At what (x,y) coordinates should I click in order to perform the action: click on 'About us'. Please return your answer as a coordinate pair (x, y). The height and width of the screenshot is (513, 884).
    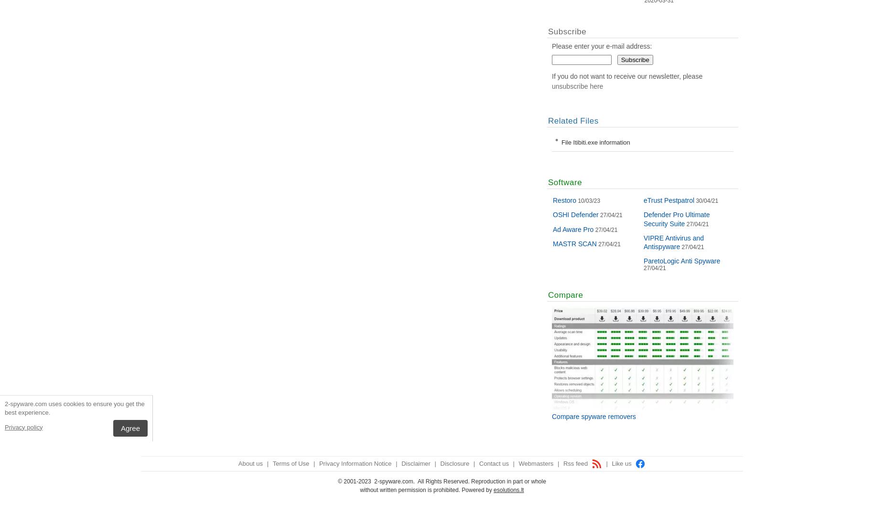
    Looking at the image, I should click on (250, 463).